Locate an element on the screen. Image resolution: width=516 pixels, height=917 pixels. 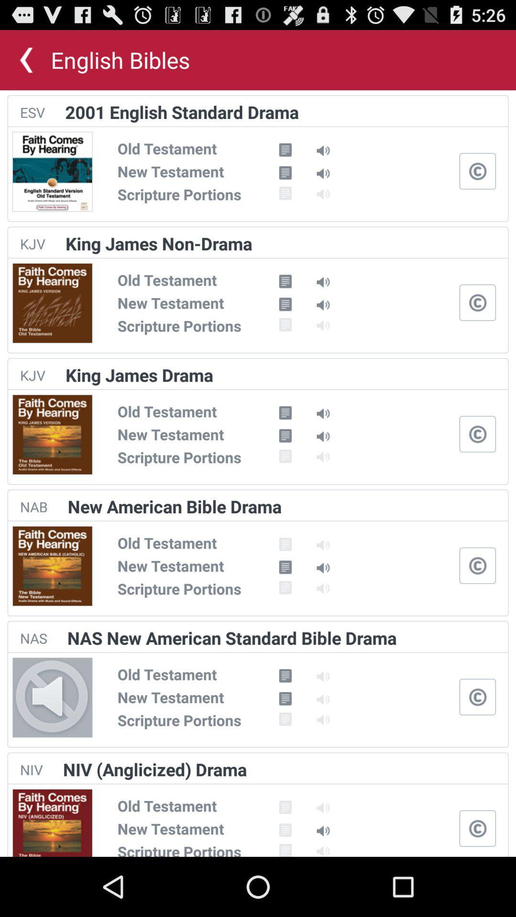
the app to the right of niv item is located at coordinates (154, 769).